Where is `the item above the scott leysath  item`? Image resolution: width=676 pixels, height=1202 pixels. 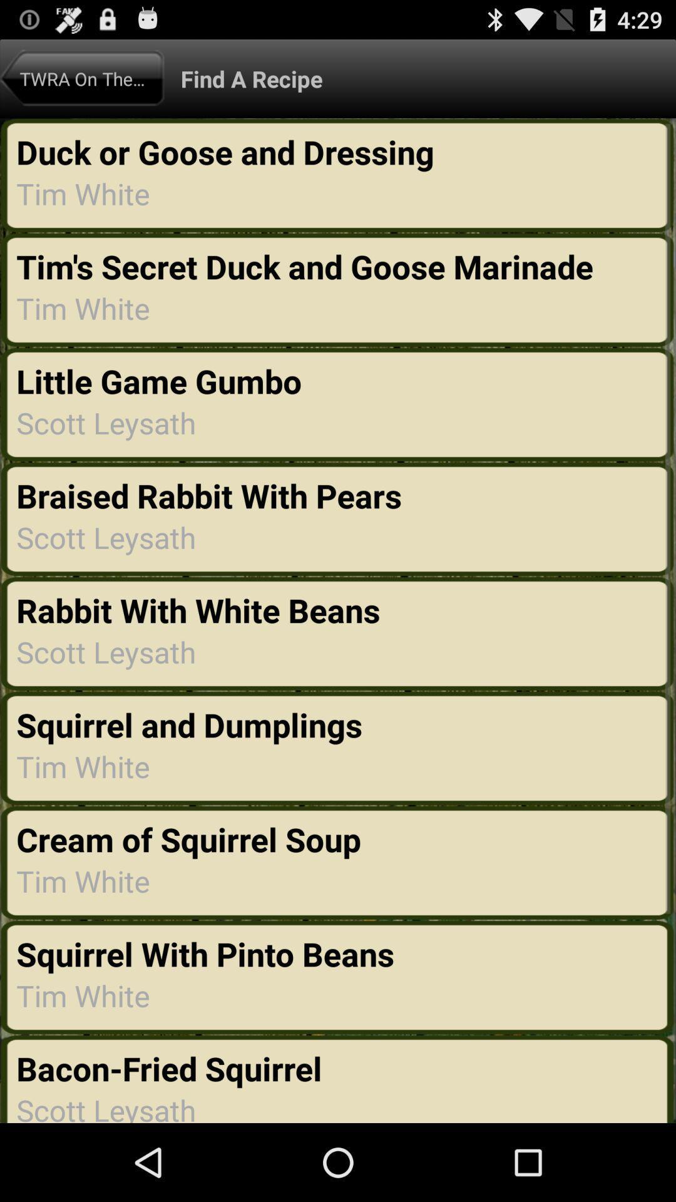
the item above the scott leysath  item is located at coordinates (162, 380).